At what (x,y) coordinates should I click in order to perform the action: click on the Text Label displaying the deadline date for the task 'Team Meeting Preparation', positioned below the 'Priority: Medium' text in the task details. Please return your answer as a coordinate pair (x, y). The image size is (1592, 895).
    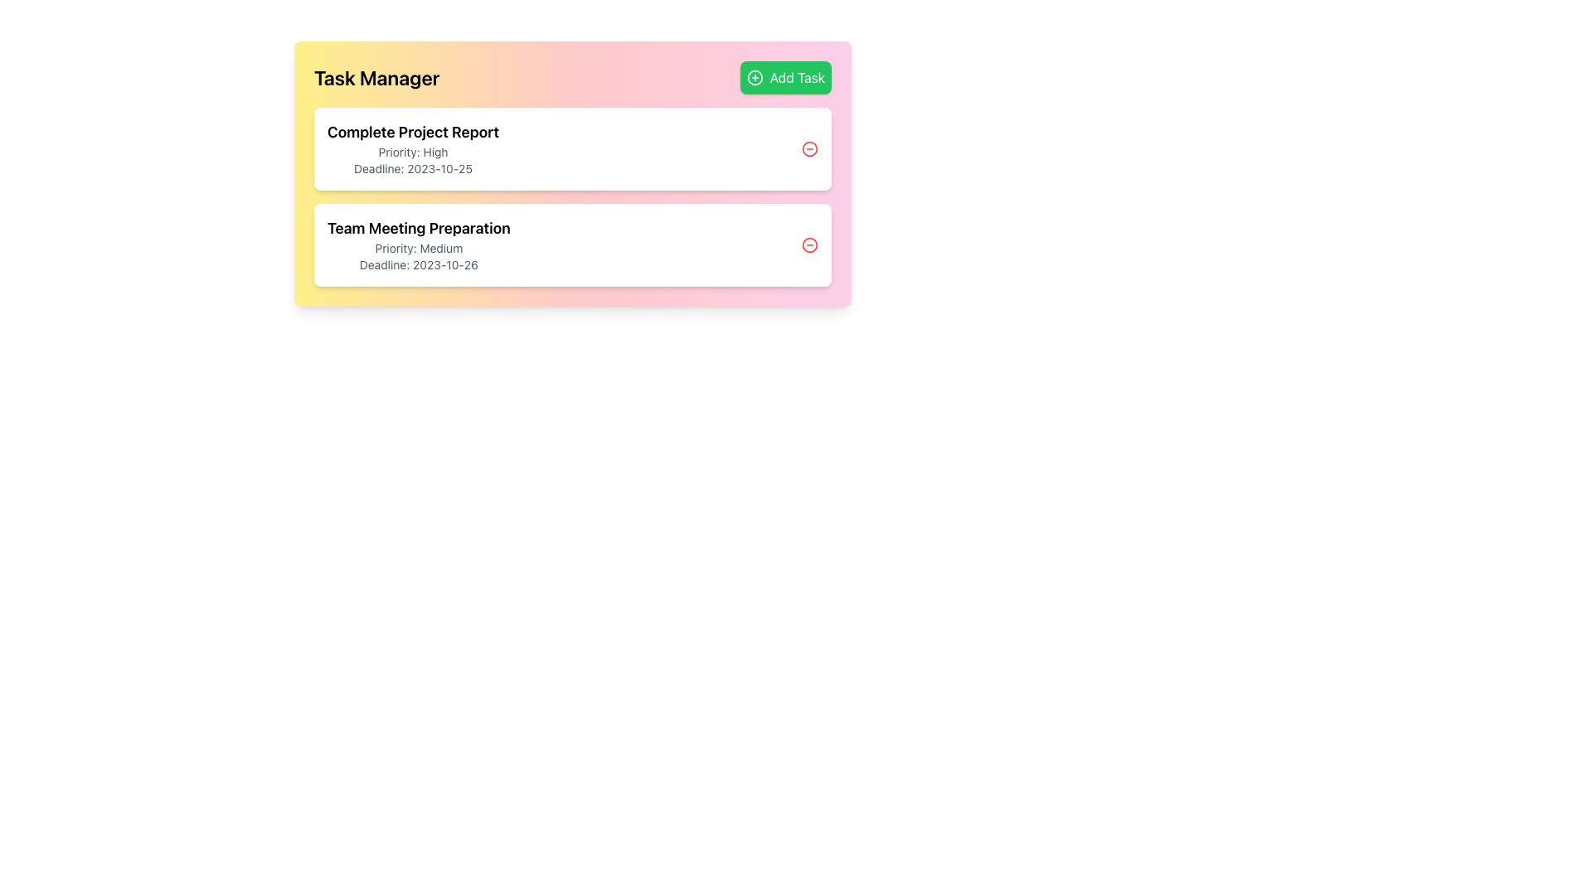
    Looking at the image, I should click on (419, 264).